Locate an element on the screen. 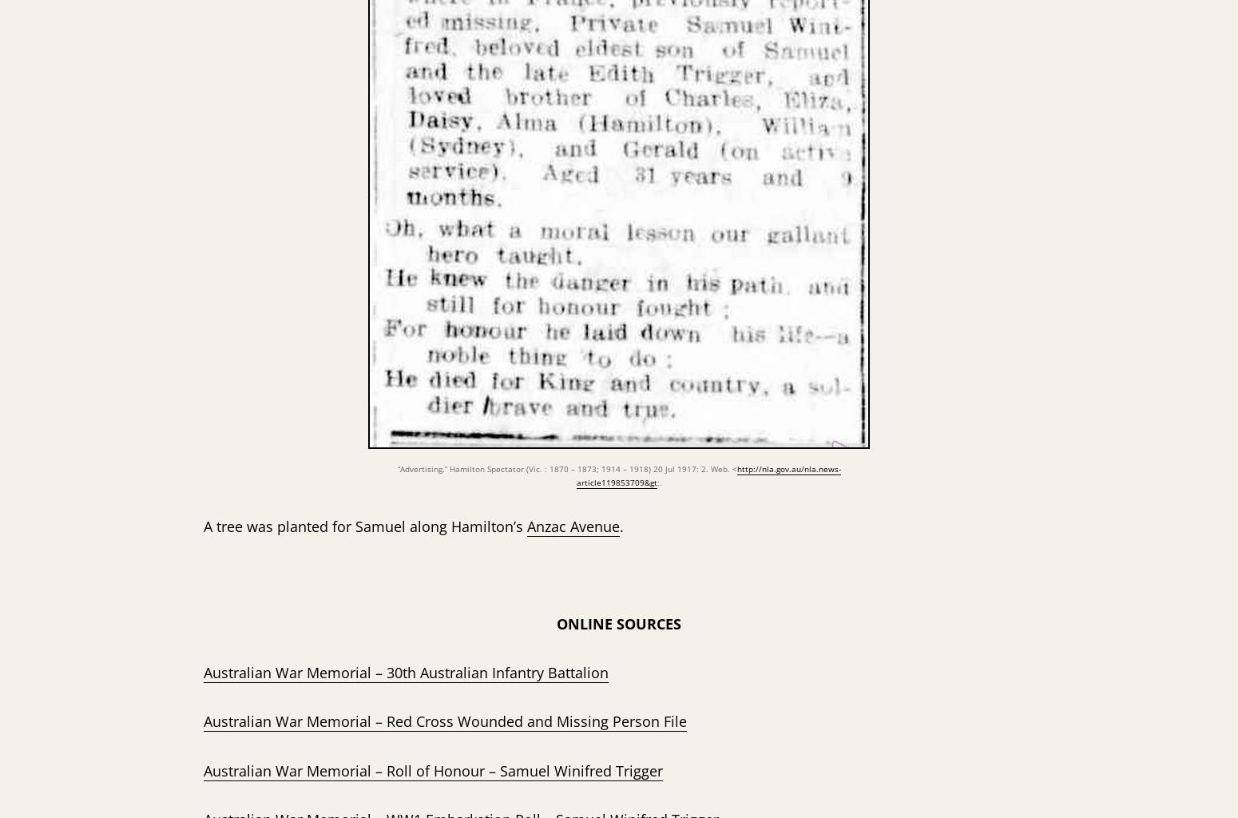  'ONLINE SOURCES' is located at coordinates (619, 624).